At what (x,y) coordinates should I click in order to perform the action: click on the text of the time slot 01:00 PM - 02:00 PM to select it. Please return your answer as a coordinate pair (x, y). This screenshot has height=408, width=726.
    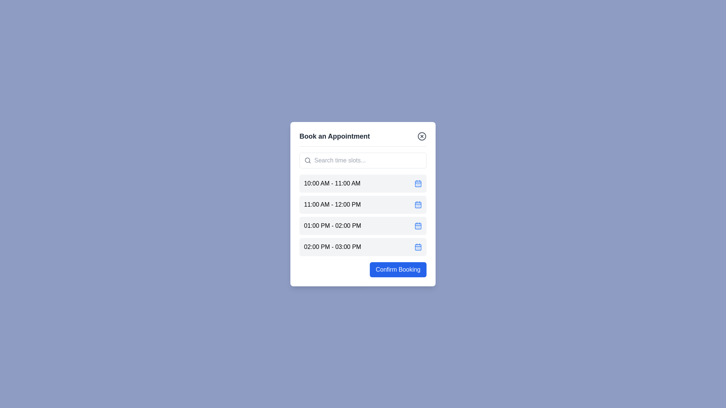
    Looking at the image, I should click on (332, 225).